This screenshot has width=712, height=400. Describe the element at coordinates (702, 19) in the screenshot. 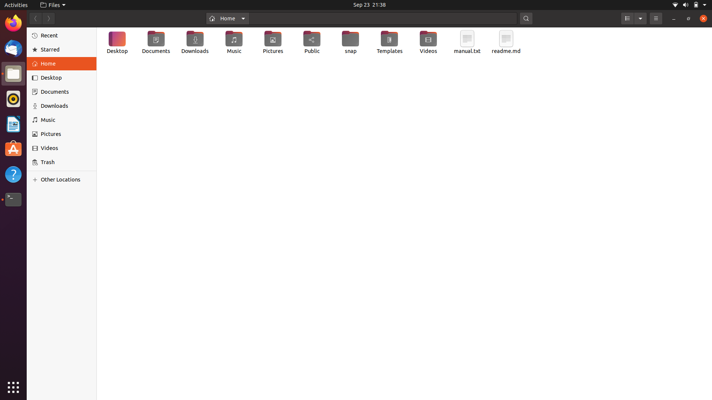

I see `Shut down the open window` at that location.